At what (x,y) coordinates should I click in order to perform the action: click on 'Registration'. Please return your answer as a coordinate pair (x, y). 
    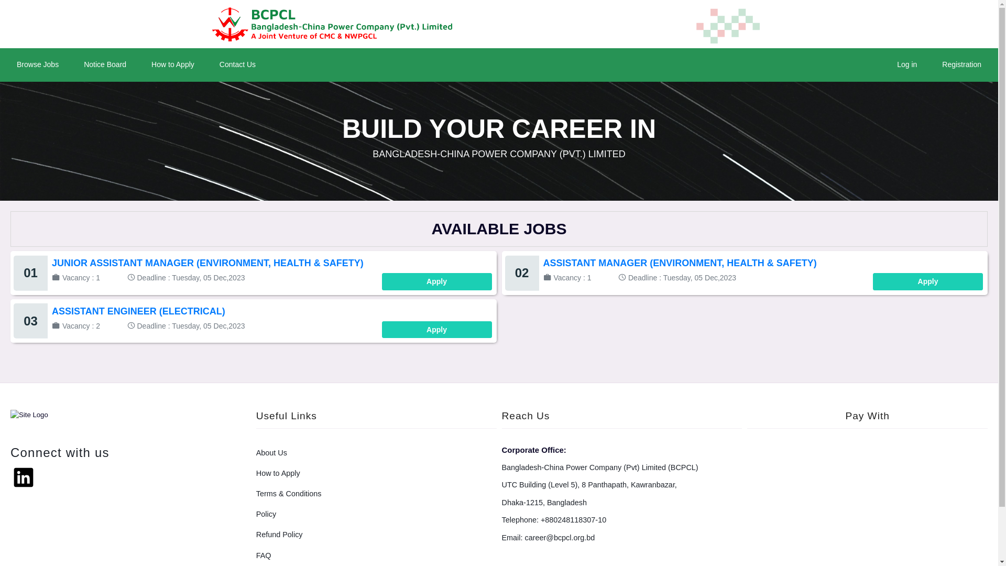
    Looking at the image, I should click on (961, 64).